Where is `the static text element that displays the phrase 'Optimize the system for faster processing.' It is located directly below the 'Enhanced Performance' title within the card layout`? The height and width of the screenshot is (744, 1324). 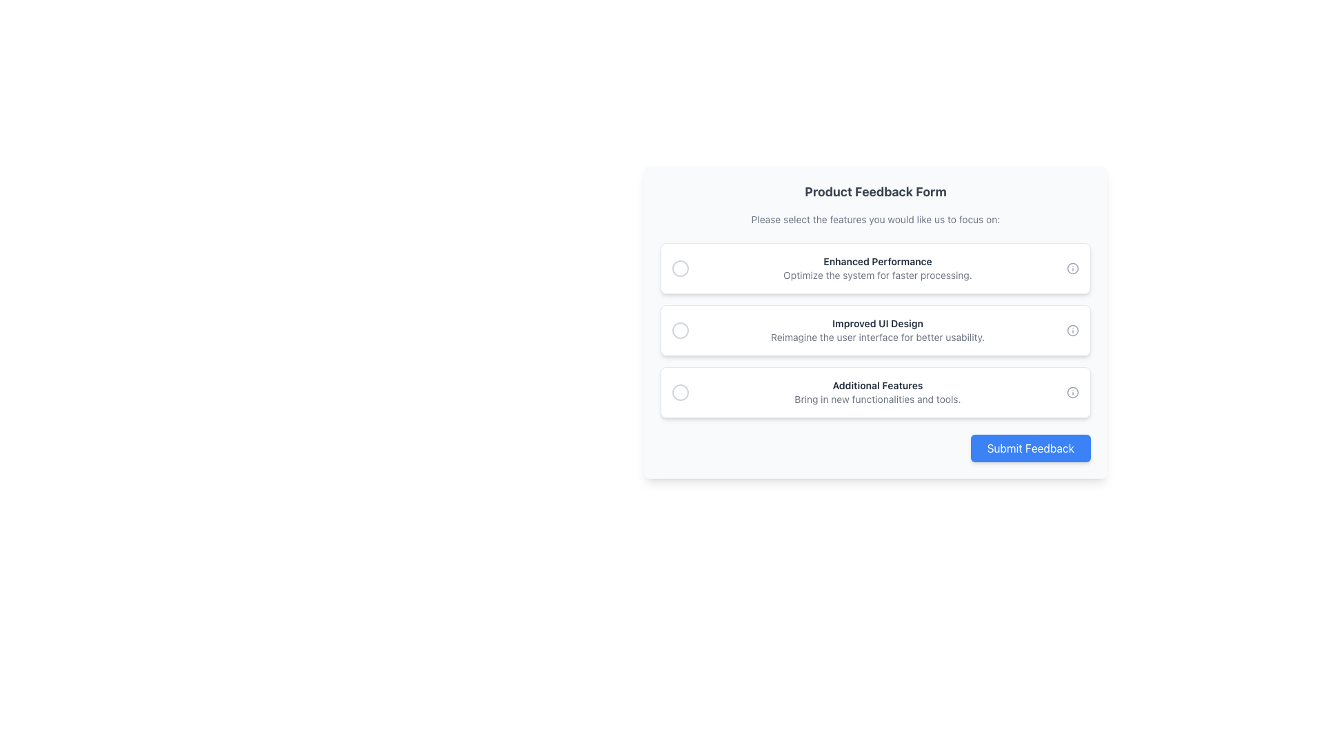
the static text element that displays the phrase 'Optimize the system for faster processing.' It is located directly below the 'Enhanced Performance' title within the card layout is located at coordinates (876, 276).